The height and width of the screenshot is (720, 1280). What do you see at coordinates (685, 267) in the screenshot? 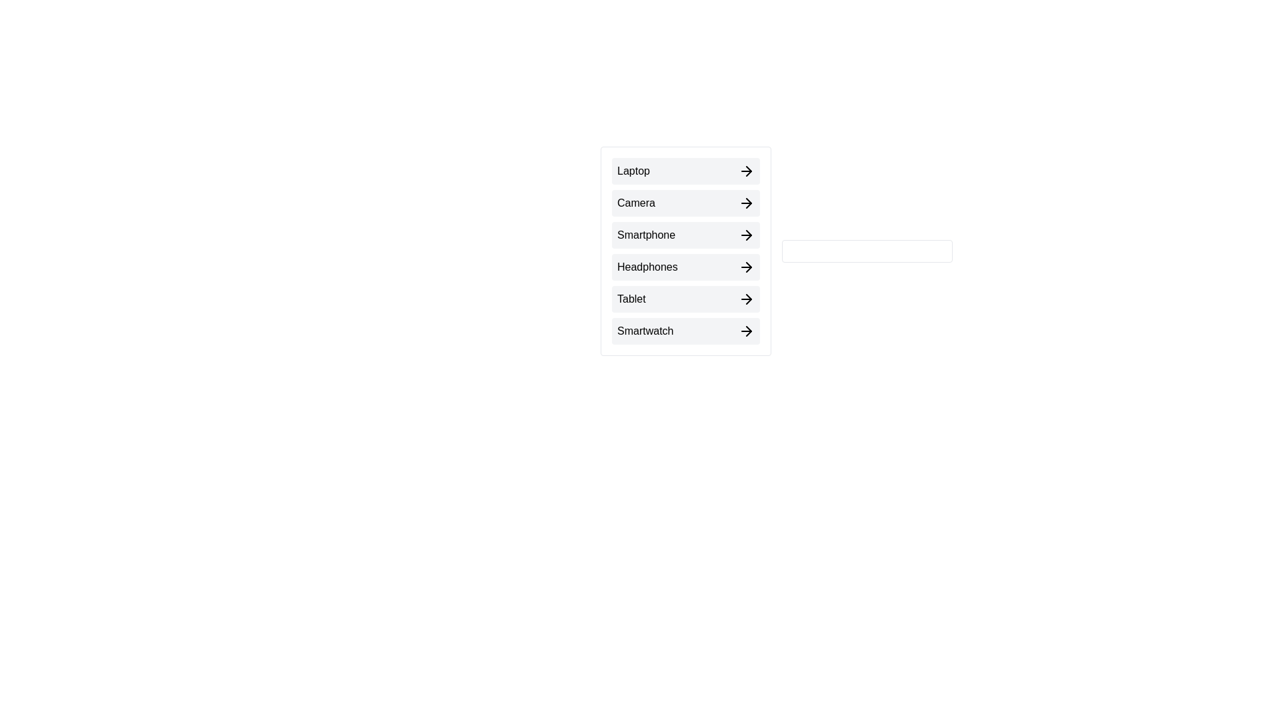
I see `the arrow button next to Headphones to move it to the right list` at bounding box center [685, 267].